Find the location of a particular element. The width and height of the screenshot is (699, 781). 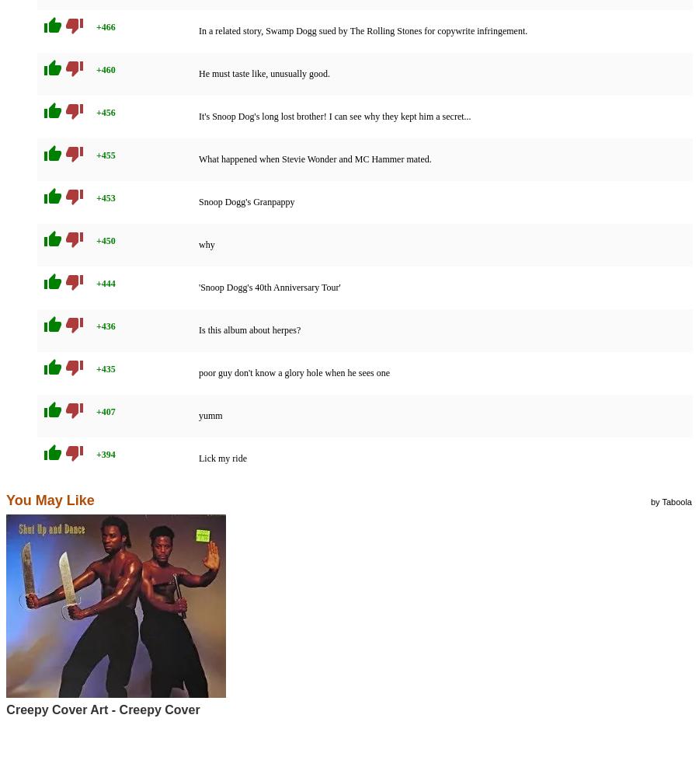

'+444' is located at coordinates (105, 283).